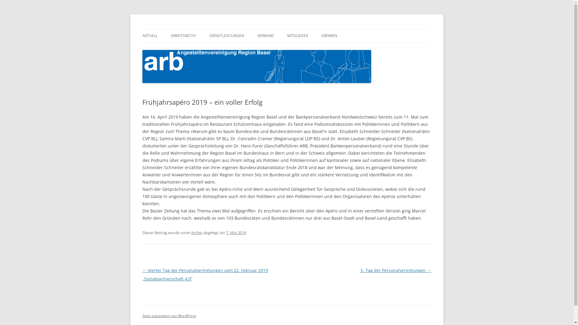  I want to click on '7. Mai 2019', so click(235, 232).